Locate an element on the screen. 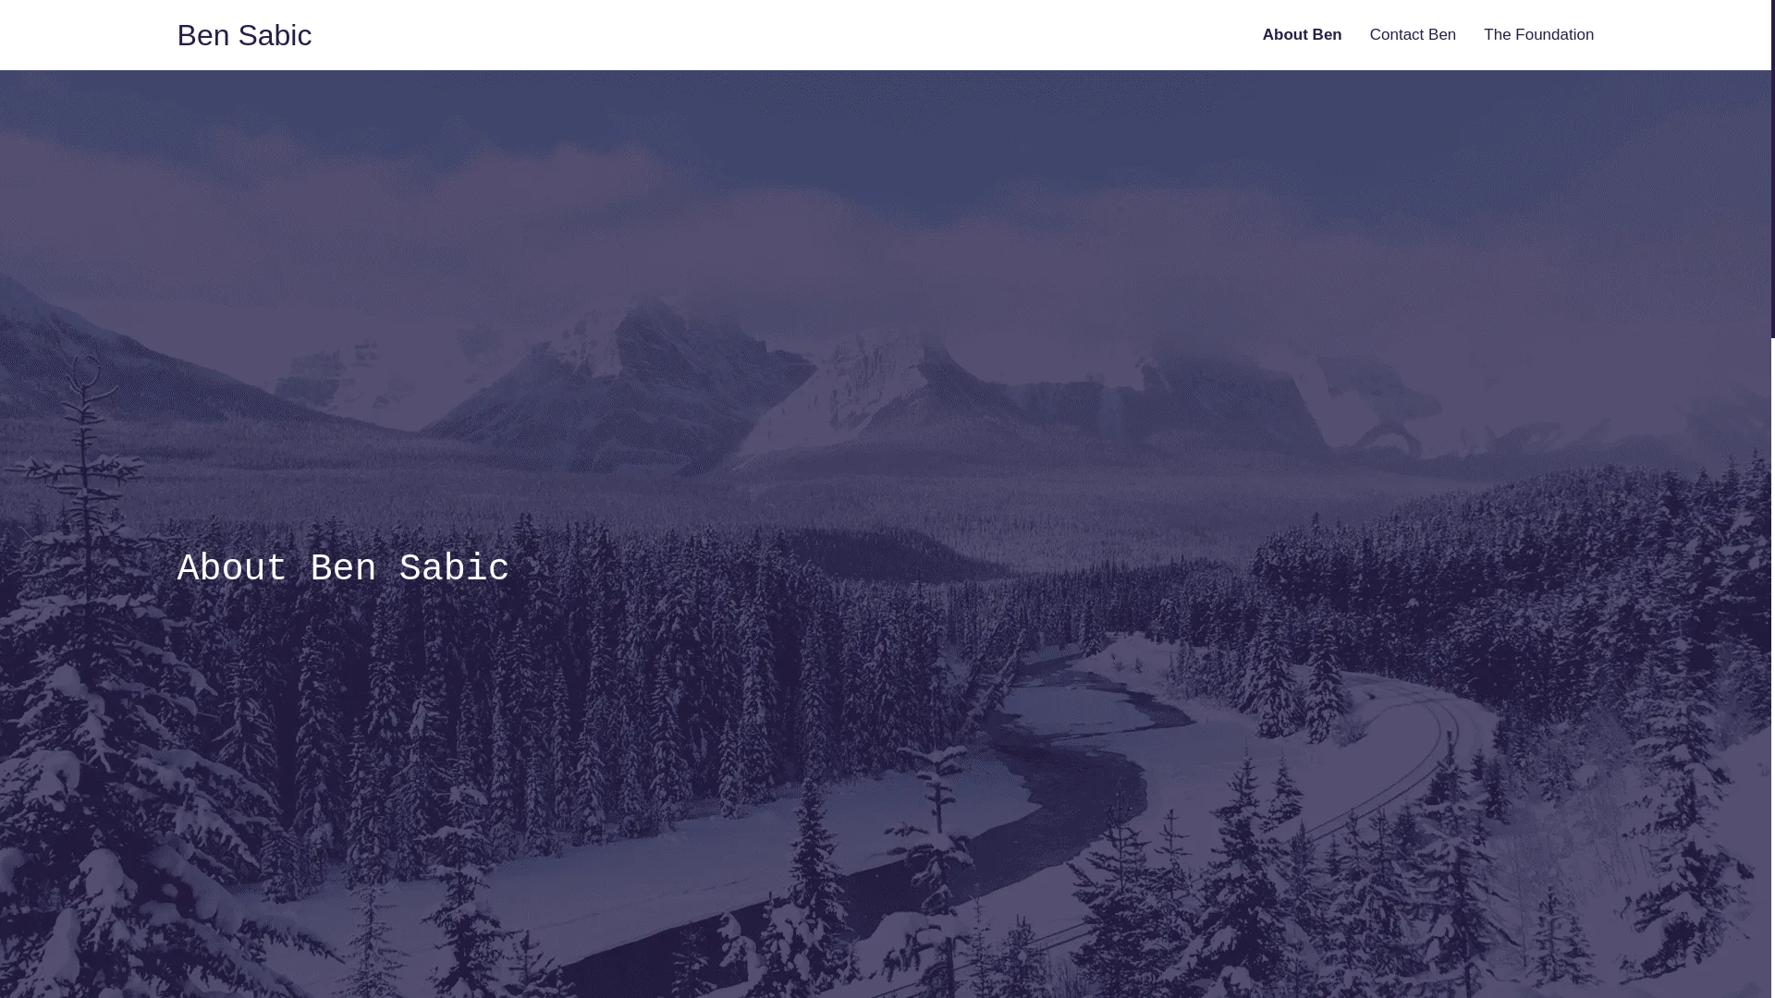 The width and height of the screenshot is (1775, 998). 'The Foundation' is located at coordinates (1538, 34).